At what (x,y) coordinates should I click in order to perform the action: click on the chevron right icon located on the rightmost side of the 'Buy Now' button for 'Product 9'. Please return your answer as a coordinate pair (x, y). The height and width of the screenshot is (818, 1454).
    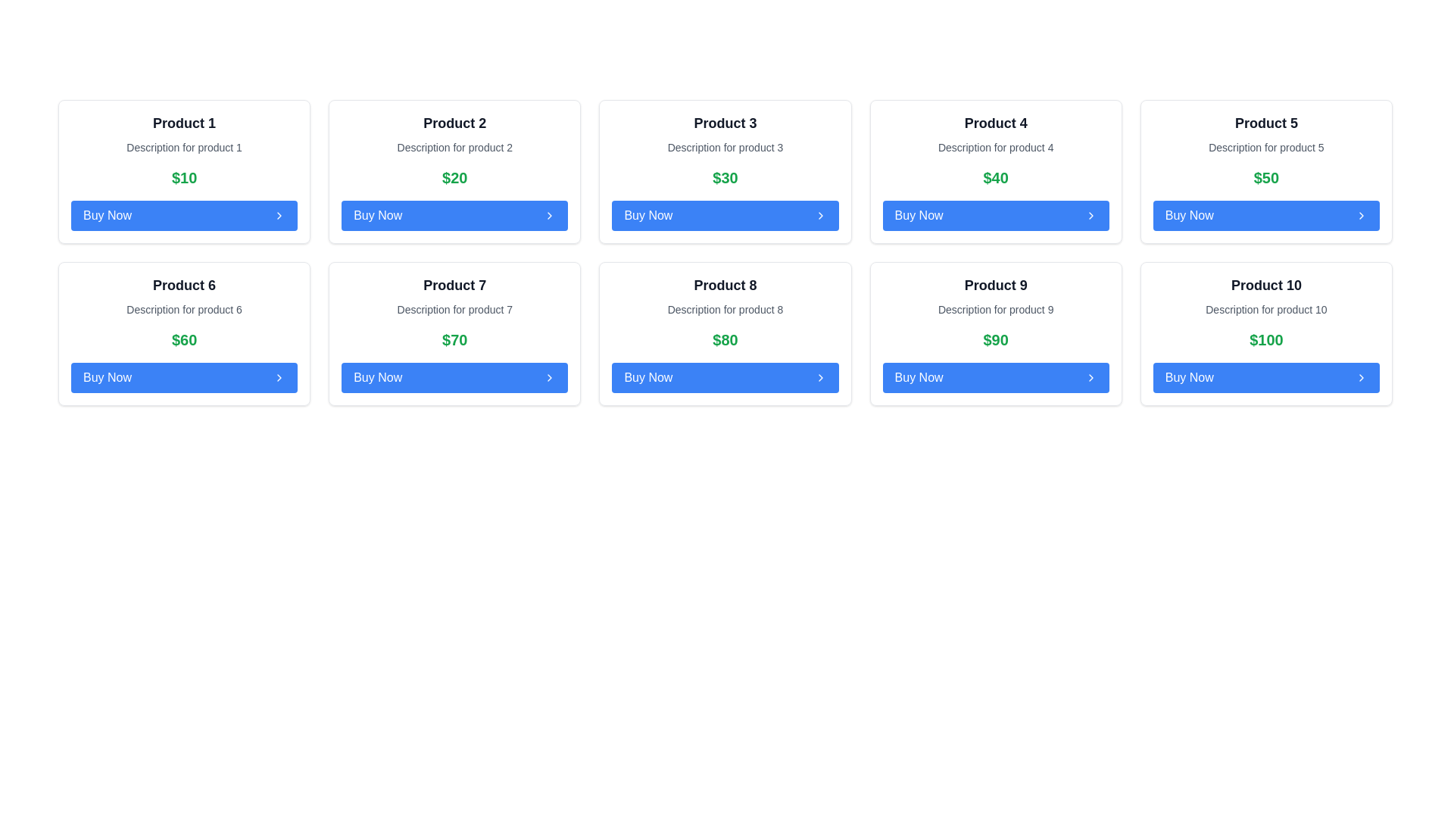
    Looking at the image, I should click on (1090, 376).